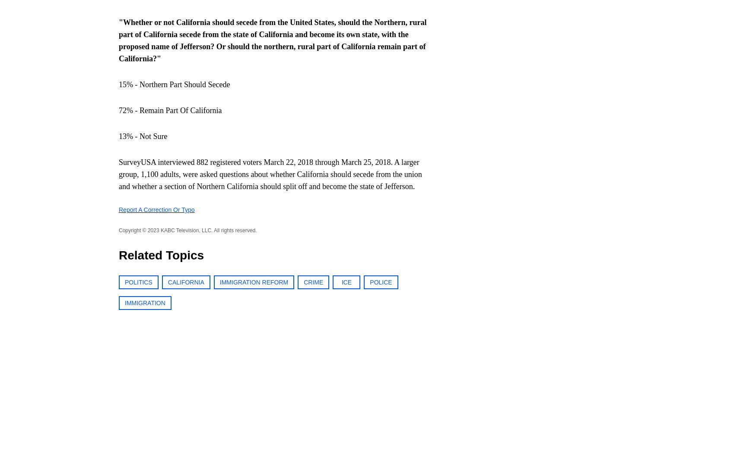 Image resolution: width=731 pixels, height=458 pixels. I want to click on 'IMMIGRATION', so click(124, 302).